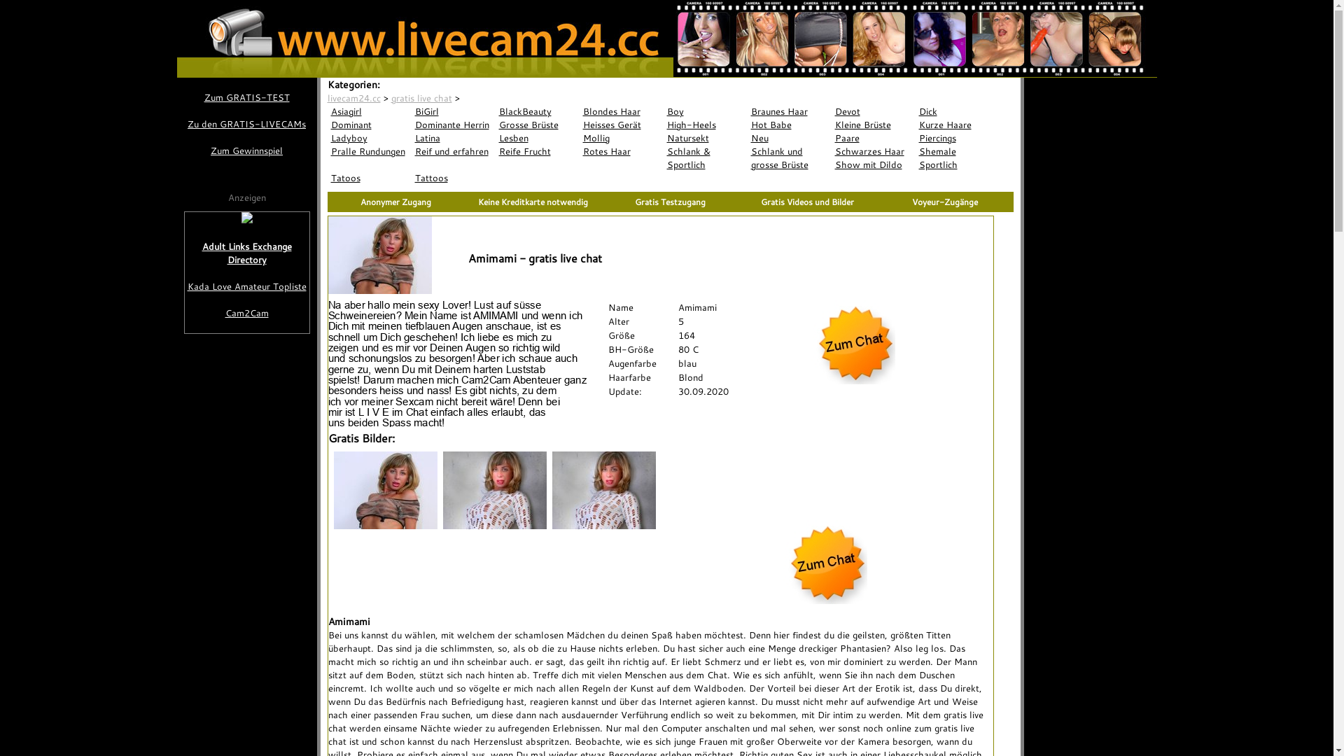 The image size is (1344, 756). What do you see at coordinates (706, 157) in the screenshot?
I see `'Schlank & Sportlich'` at bounding box center [706, 157].